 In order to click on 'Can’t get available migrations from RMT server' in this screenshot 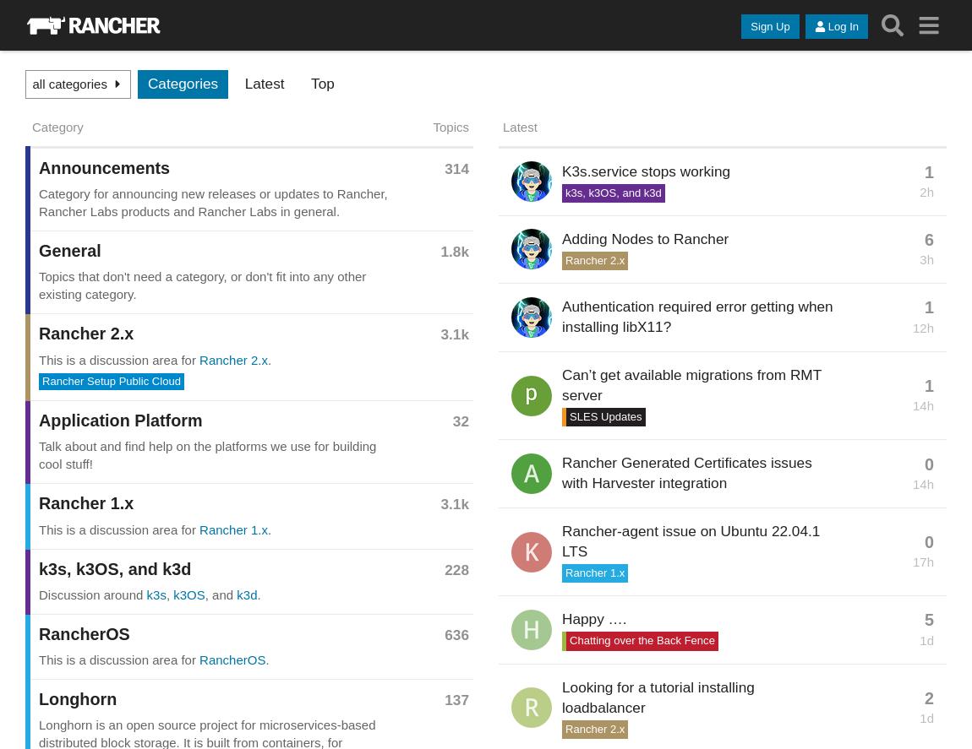, I will do `click(690, 384)`.